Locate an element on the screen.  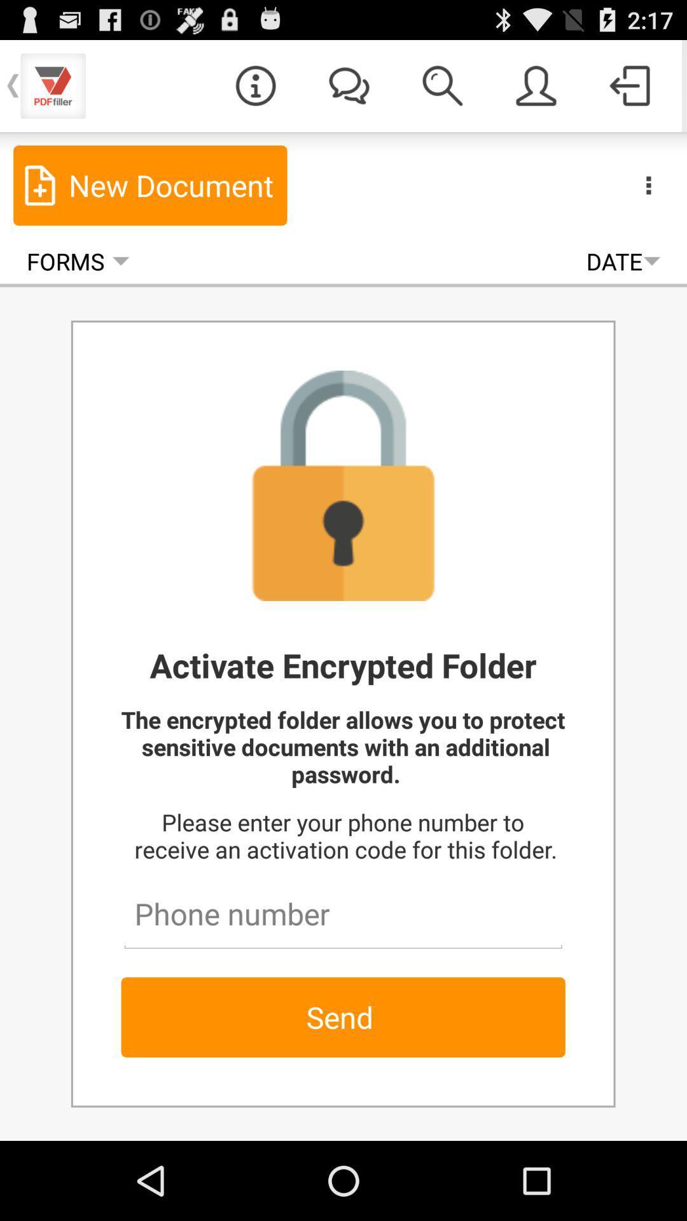
new document is located at coordinates (149, 184).